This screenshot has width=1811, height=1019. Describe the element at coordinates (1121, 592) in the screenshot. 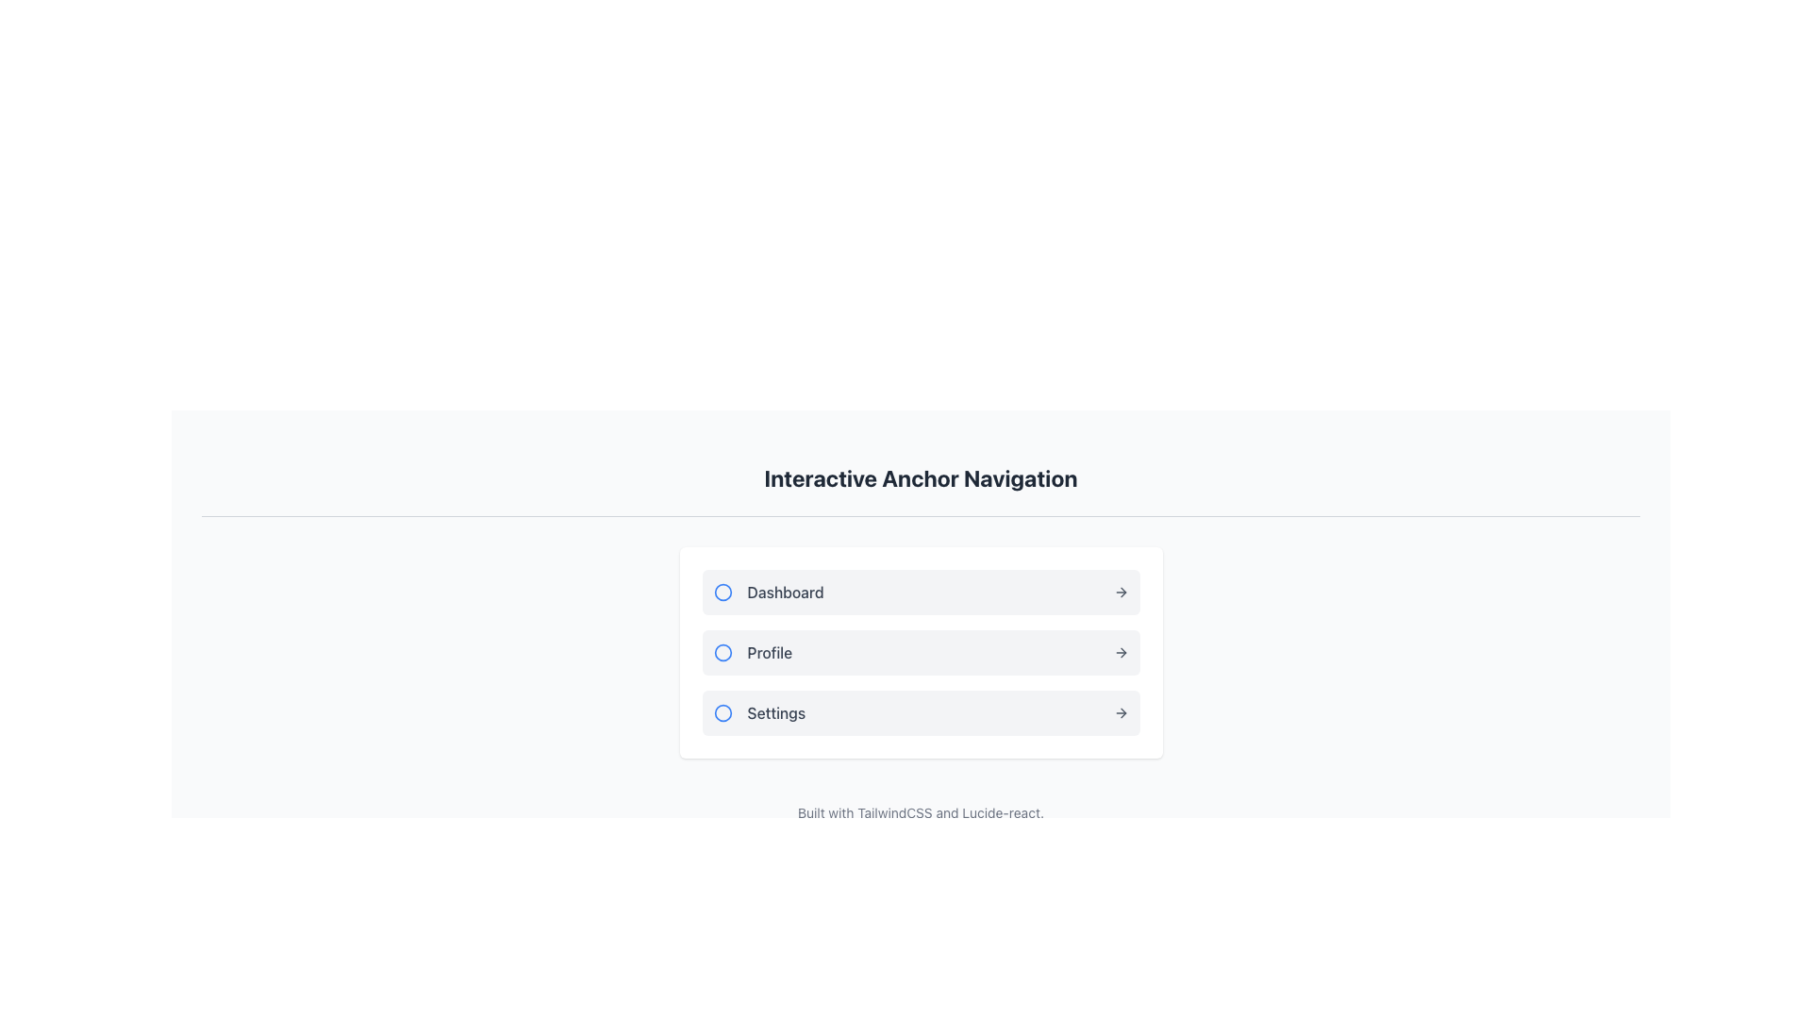

I see `the arrow icon located at the rightmost end of the 'Dashboard' item in the vertical navigation list, which signifies navigation or further interaction` at that location.